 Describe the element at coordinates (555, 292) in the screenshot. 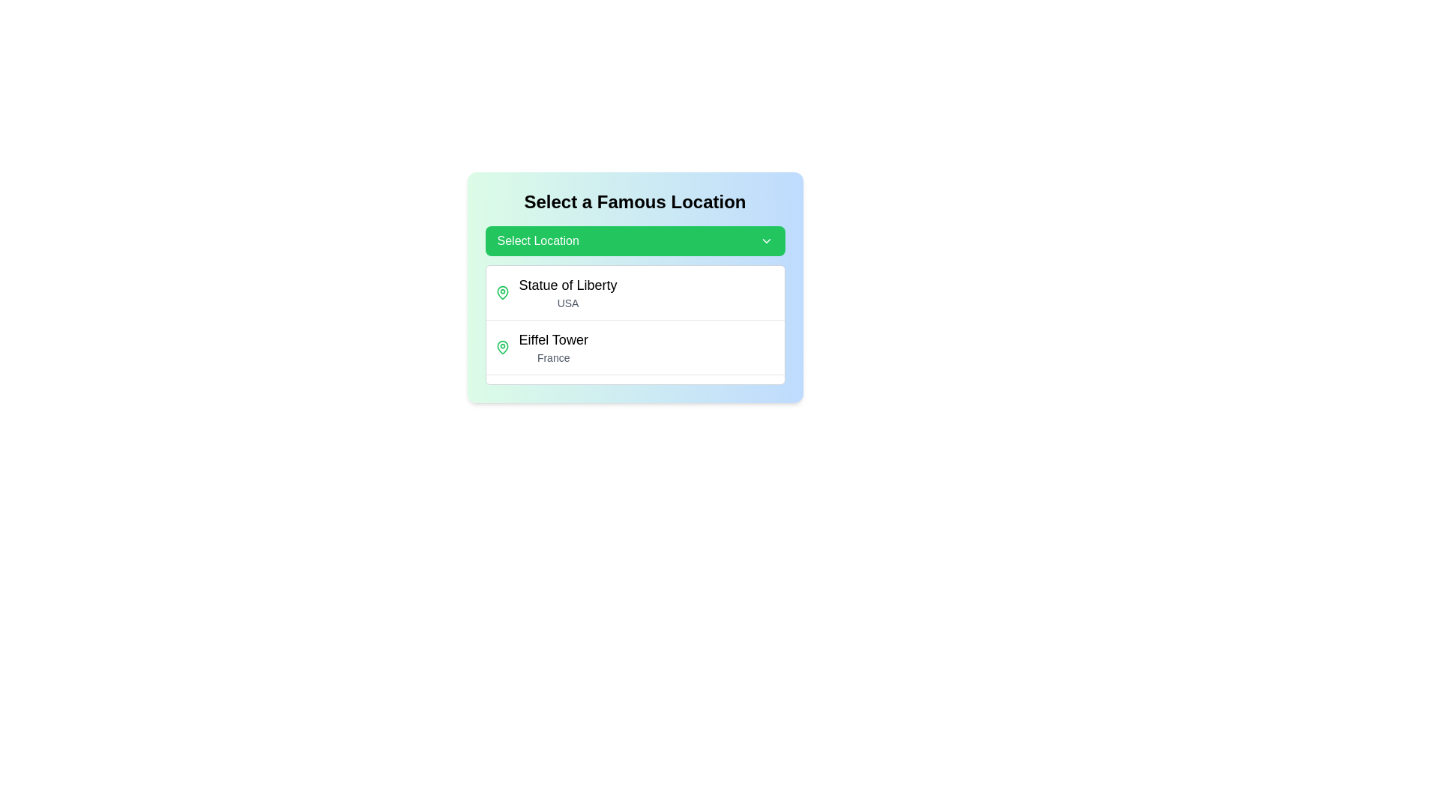

I see `the 'Statue of Liberty, USA' selection option in the dropdown menu` at that location.